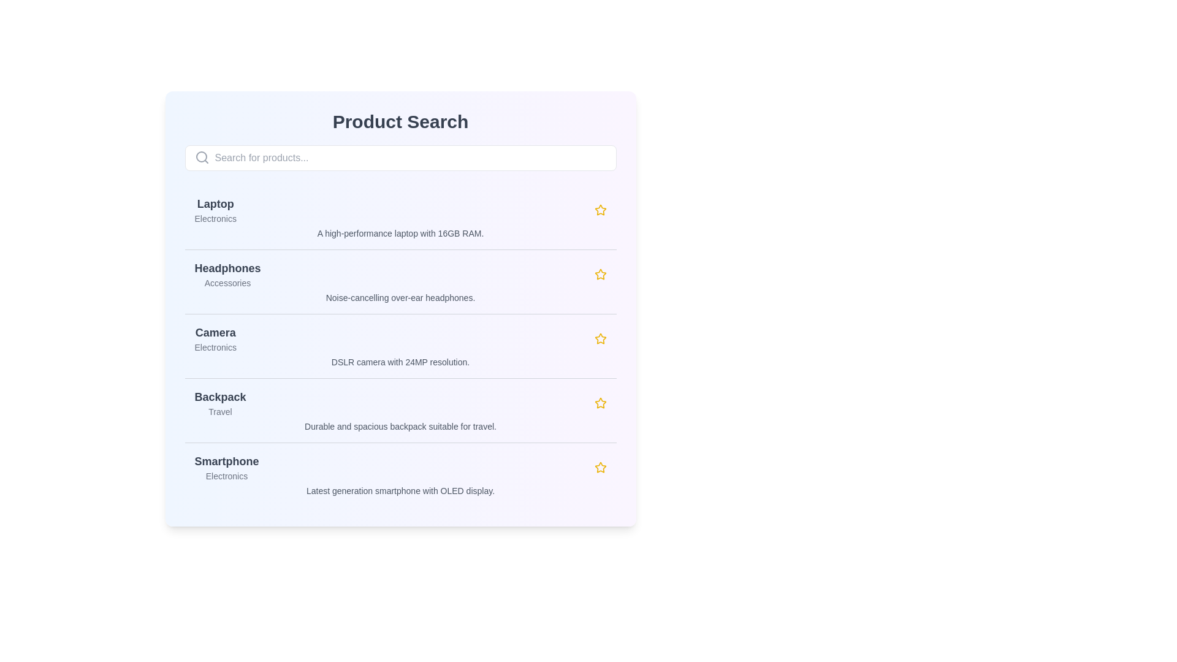 This screenshot has width=1177, height=662. What do you see at coordinates (400, 281) in the screenshot?
I see `the list item entry for 'Headphones', which includes the title, subtitle, and description` at bounding box center [400, 281].